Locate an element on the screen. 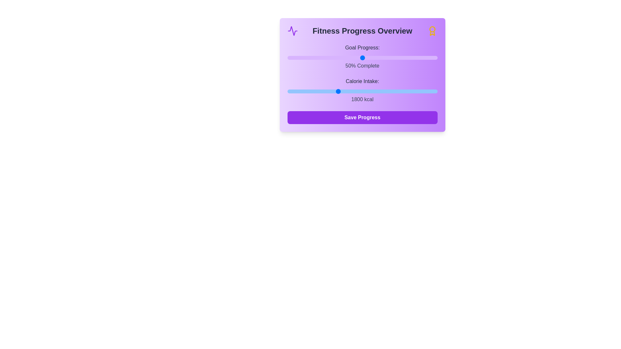  the circular badge-like icon in the upper-right corner of the interface that denotes awards or achievements is located at coordinates (432, 29).